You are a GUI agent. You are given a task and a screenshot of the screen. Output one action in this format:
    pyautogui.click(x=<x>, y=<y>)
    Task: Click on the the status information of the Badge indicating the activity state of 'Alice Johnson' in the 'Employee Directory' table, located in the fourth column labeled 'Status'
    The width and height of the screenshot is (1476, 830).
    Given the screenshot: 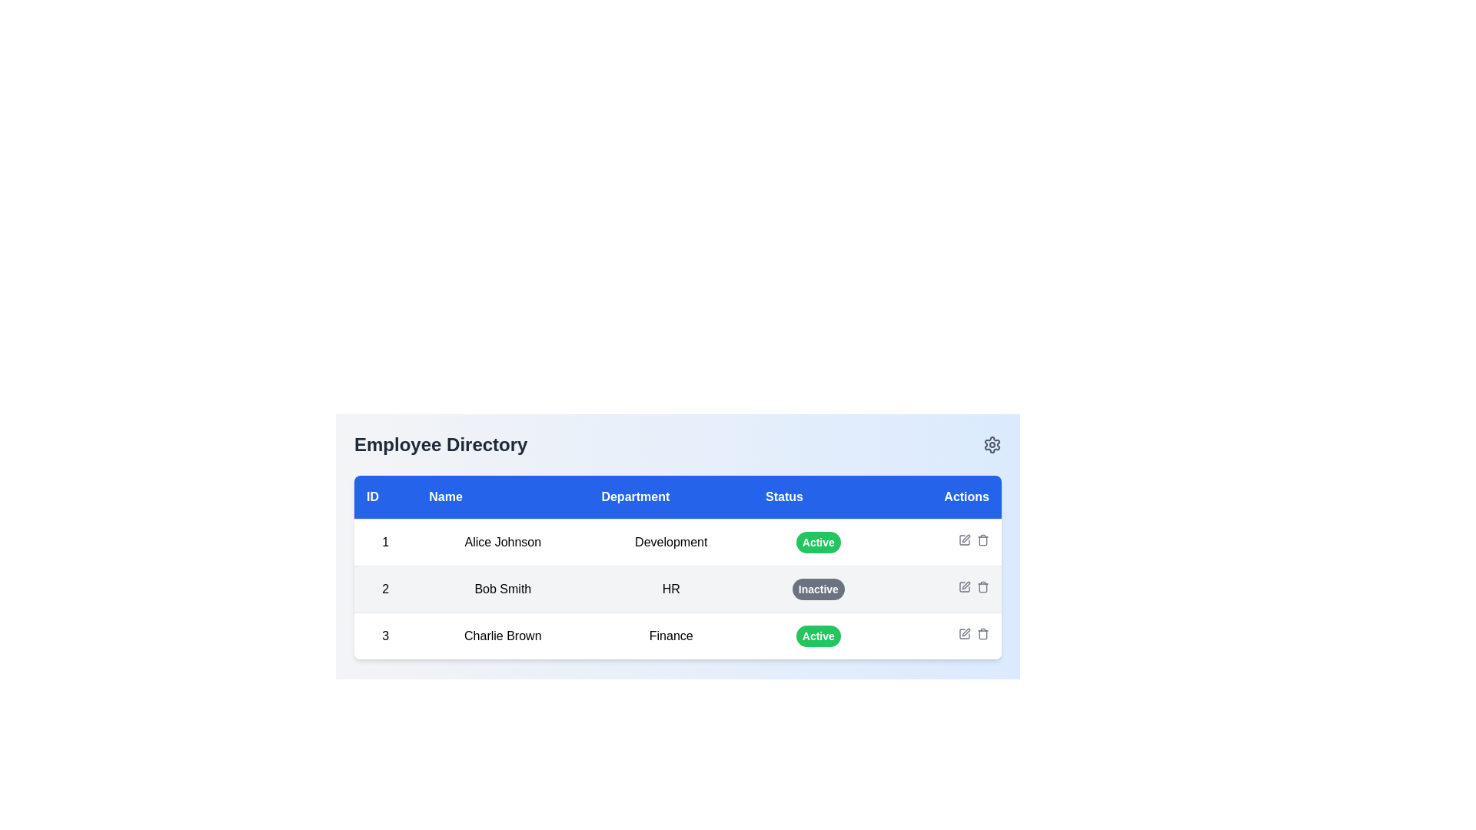 What is the action you would take?
    pyautogui.click(x=817, y=541)
    